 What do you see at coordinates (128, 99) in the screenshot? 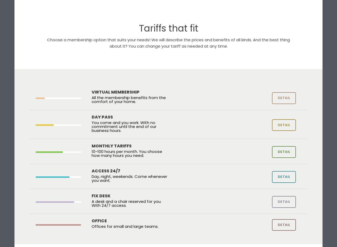
I see `'All the membership benefits from the comfort of your home.'` at bounding box center [128, 99].